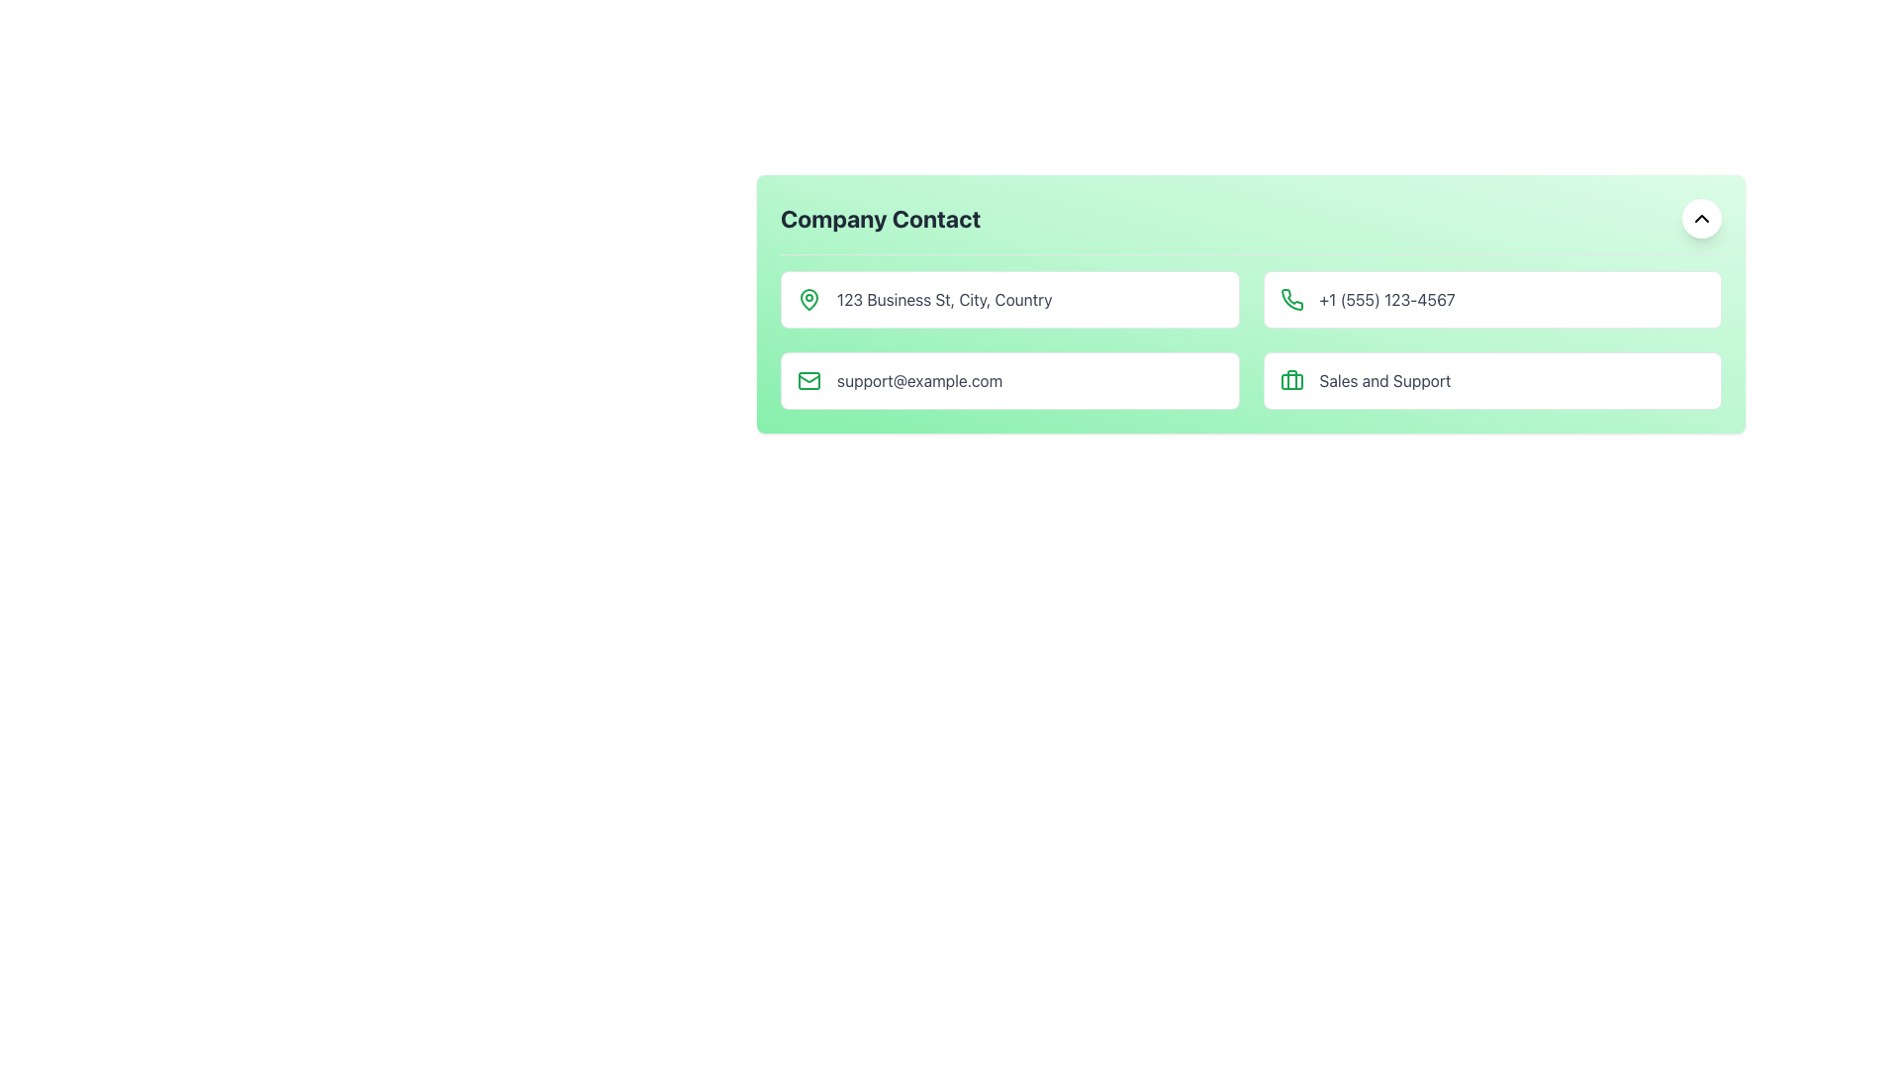  What do you see at coordinates (1009, 300) in the screenshot?
I see `the Informative display field that shows the physical address, located near the top-left of the contact details section, above the email entry and to the left of the phone number entry` at bounding box center [1009, 300].